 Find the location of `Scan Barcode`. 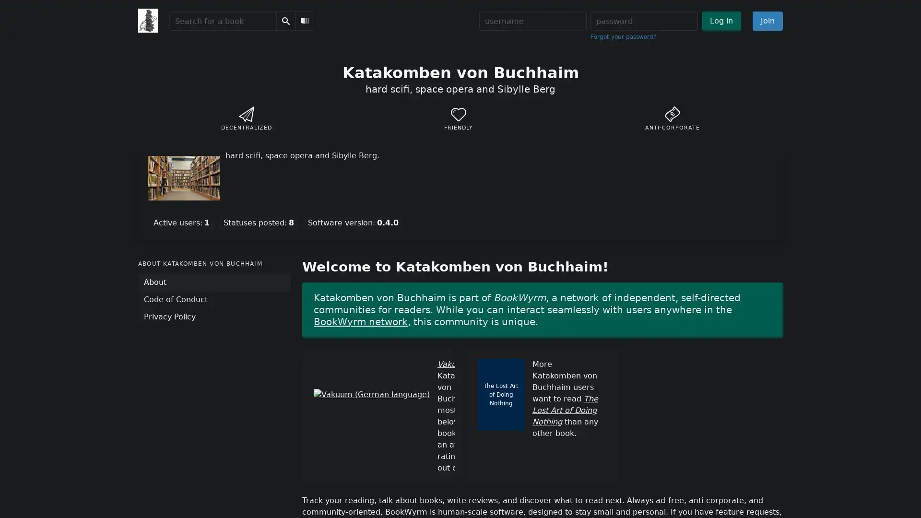

Scan Barcode is located at coordinates (303, 21).